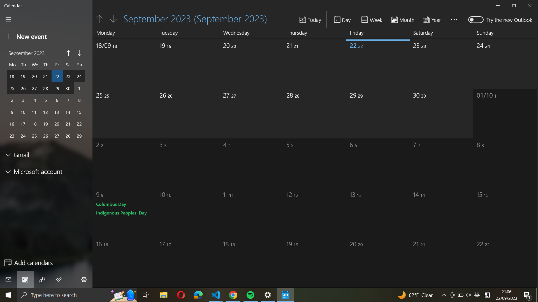  I want to click on Retract the side panel of the calendar, so click(8, 19).